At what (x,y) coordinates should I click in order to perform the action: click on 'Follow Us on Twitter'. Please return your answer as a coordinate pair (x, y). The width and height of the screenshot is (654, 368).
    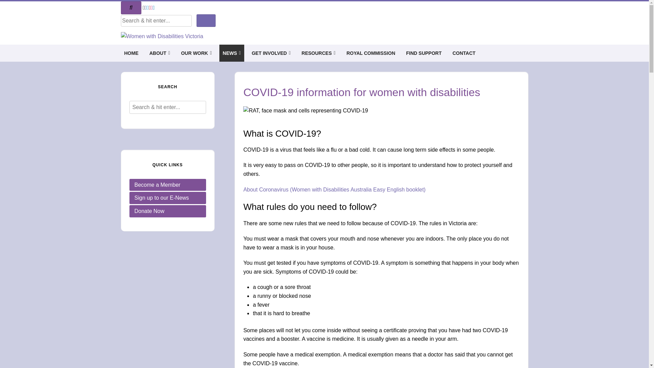
    Looking at the image, I should click on (147, 7).